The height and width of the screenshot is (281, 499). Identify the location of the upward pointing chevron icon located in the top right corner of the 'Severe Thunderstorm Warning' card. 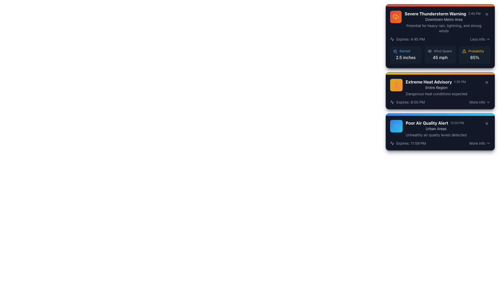
(488, 39).